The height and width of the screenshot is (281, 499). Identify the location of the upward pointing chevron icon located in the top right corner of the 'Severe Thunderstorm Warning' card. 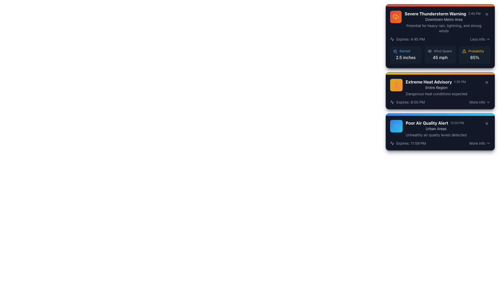
(488, 39).